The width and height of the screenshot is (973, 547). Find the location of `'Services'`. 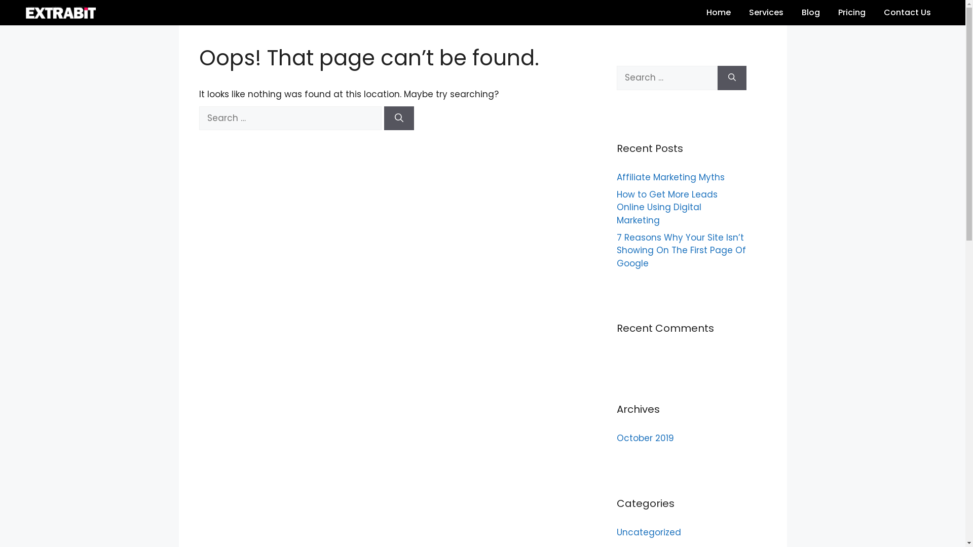

'Services' is located at coordinates (766, 12).